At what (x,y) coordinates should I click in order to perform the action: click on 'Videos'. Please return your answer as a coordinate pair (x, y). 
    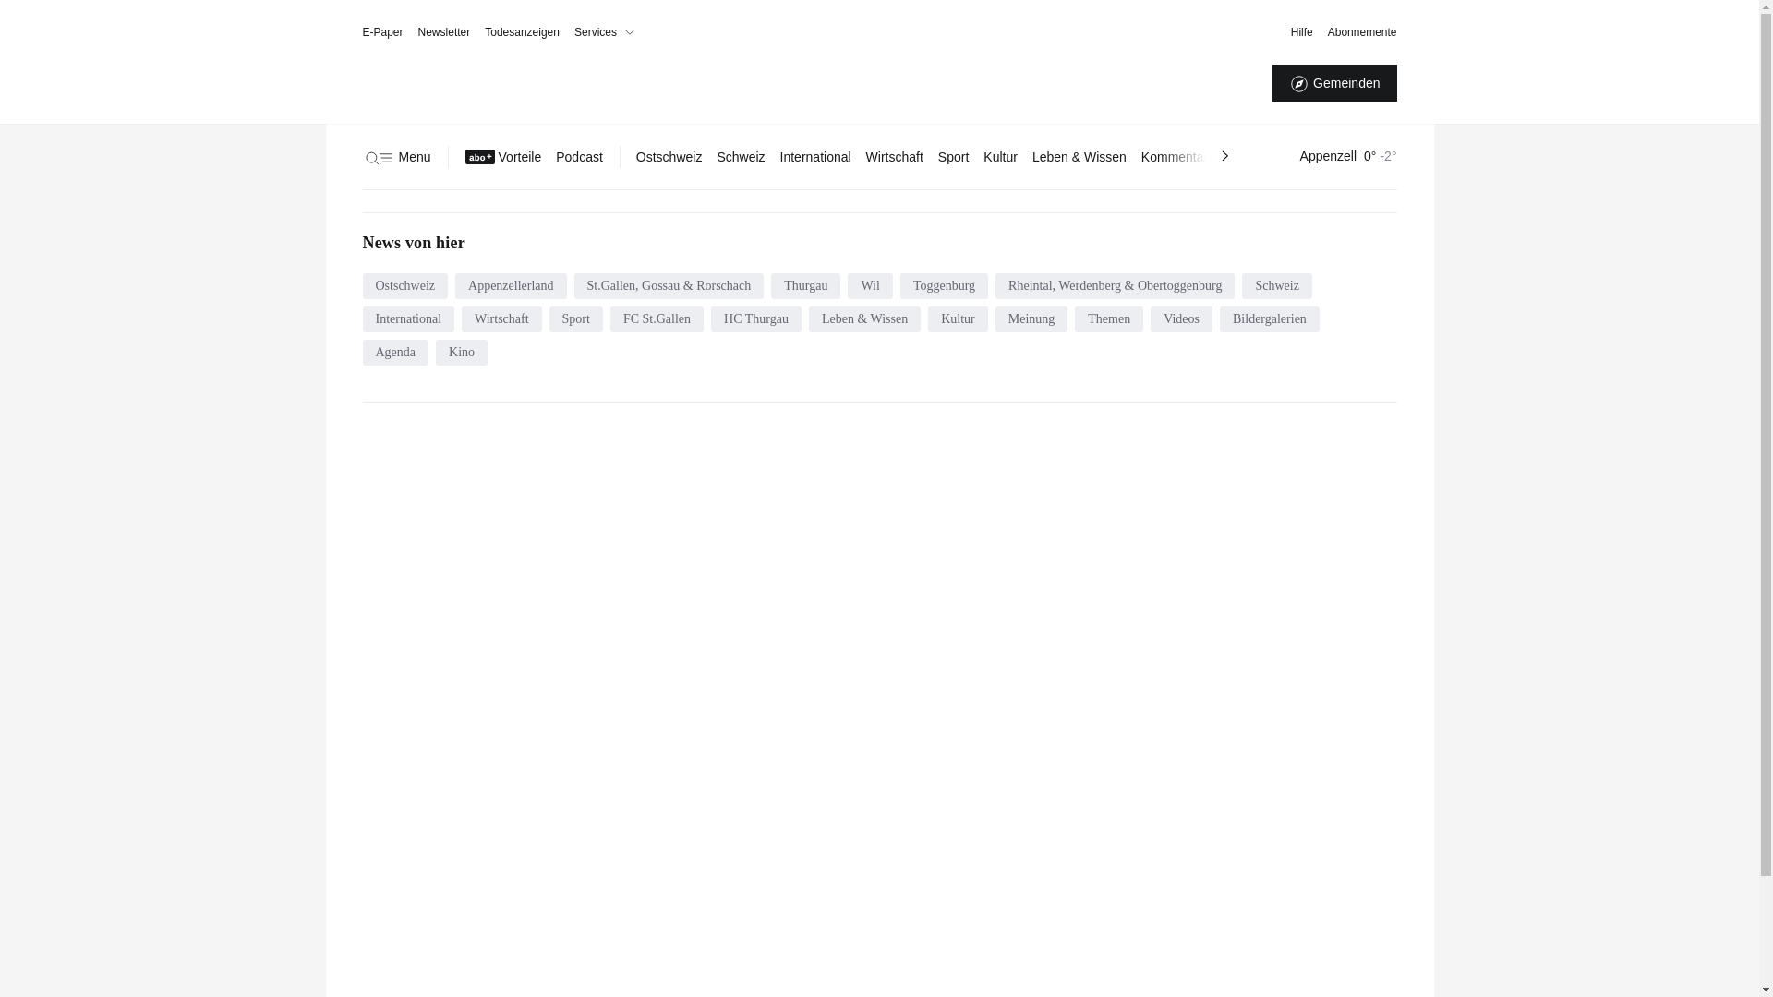
    Looking at the image, I should click on (1180, 318).